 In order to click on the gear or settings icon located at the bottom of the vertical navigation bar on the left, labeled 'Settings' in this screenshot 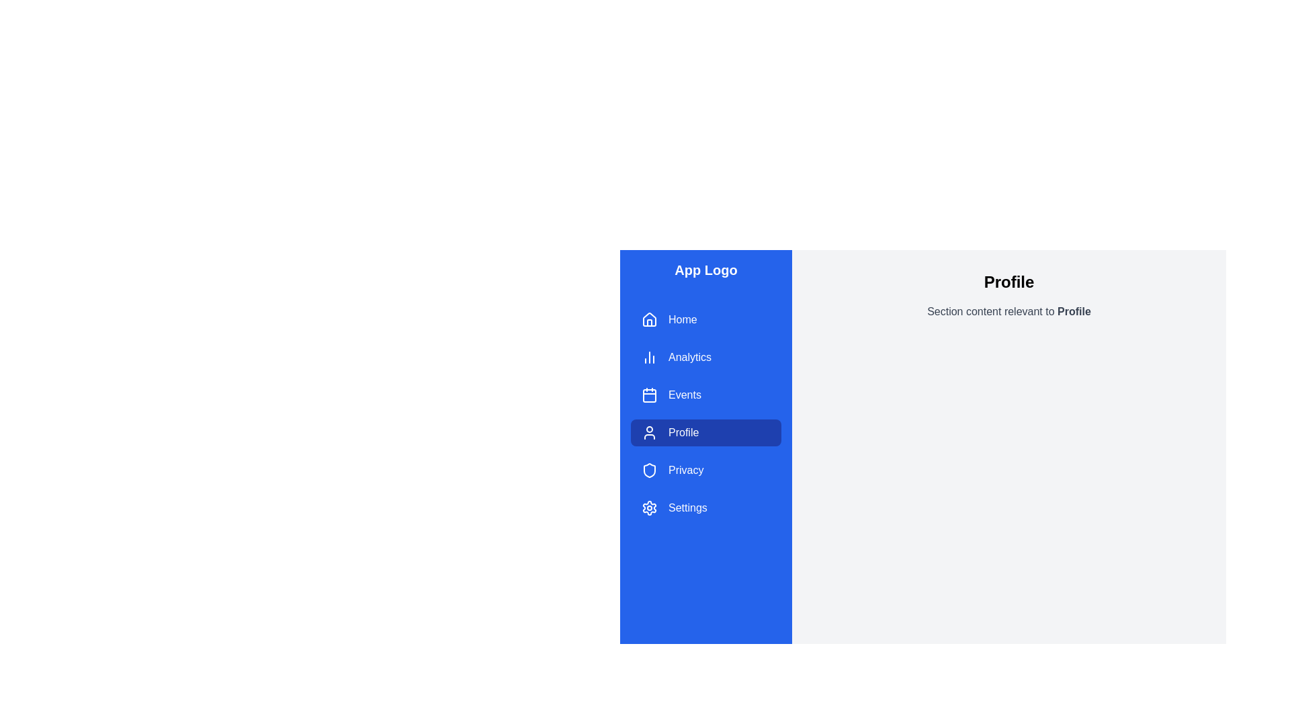, I will do `click(649, 508)`.